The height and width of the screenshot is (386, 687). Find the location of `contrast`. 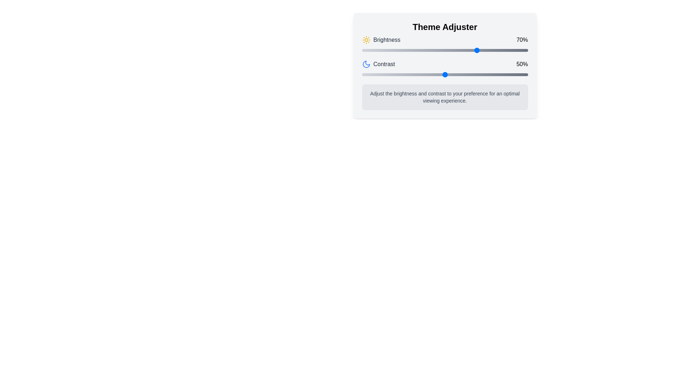

contrast is located at coordinates (396, 74).